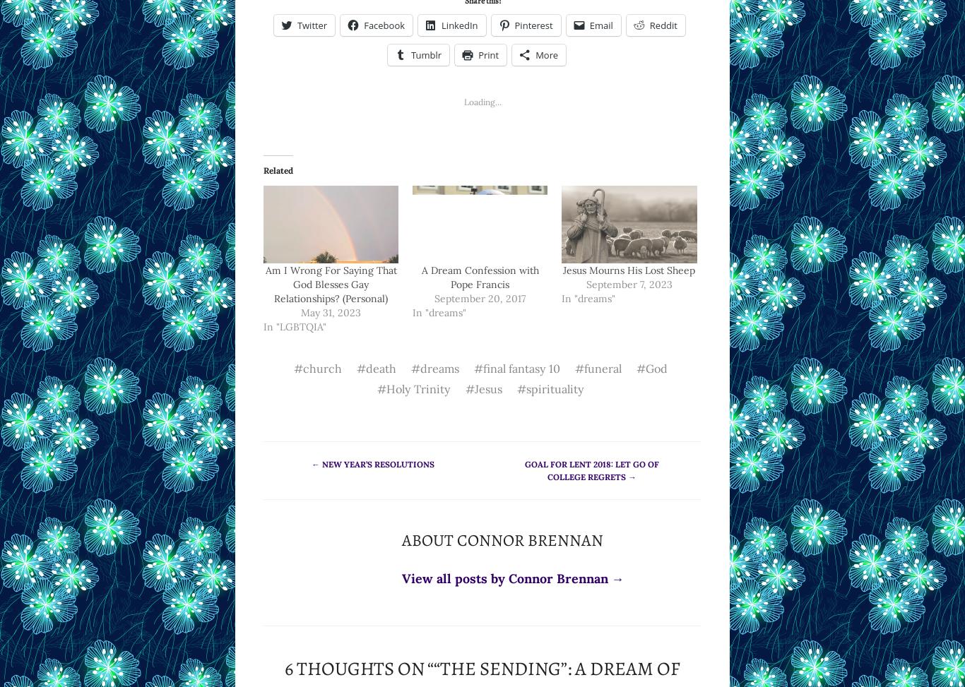 This screenshot has width=965, height=687. Describe the element at coordinates (514, 25) in the screenshot. I see `'Pinterest'` at that location.